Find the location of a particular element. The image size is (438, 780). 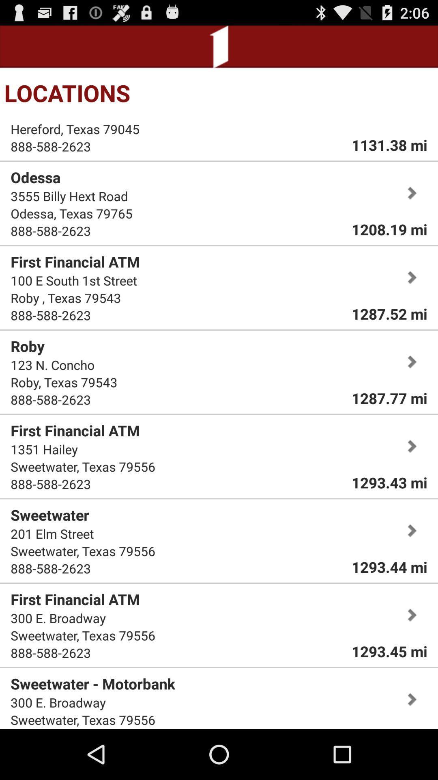

the item above sweetwater, texas 79556 app is located at coordinates (44, 448).